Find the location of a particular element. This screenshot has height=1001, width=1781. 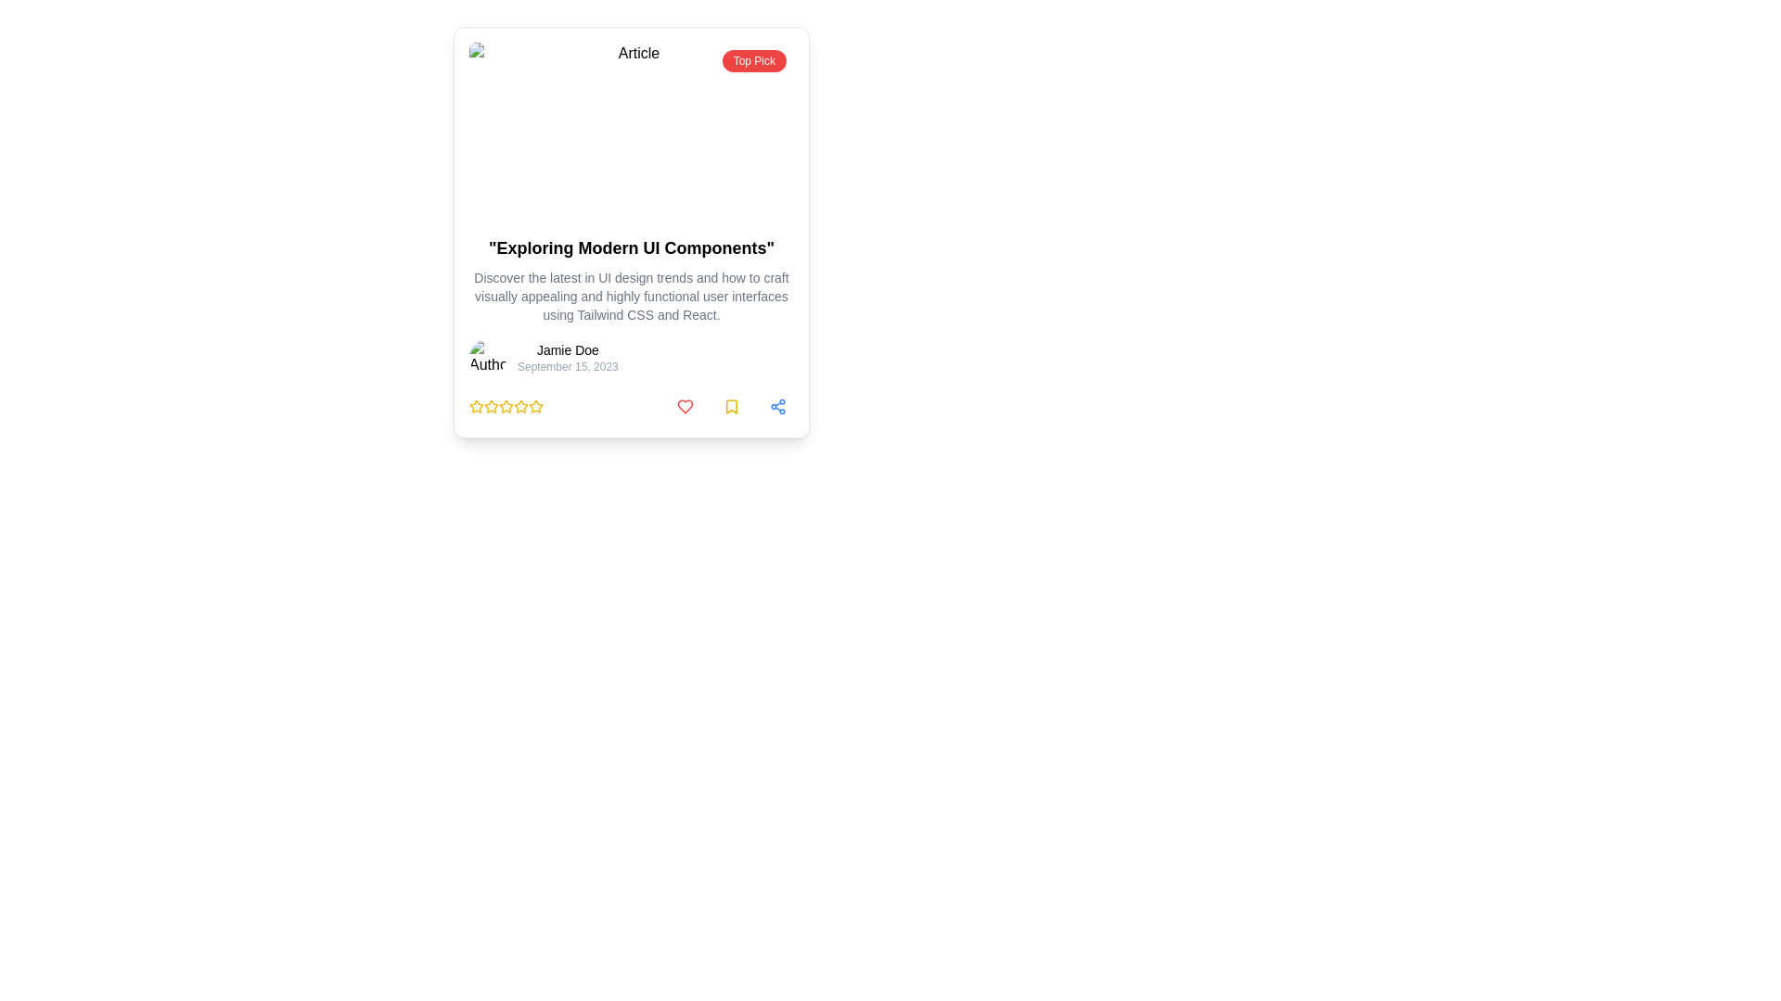

the fifth yellow star icon in the rating system to interact with it is located at coordinates (506, 406).